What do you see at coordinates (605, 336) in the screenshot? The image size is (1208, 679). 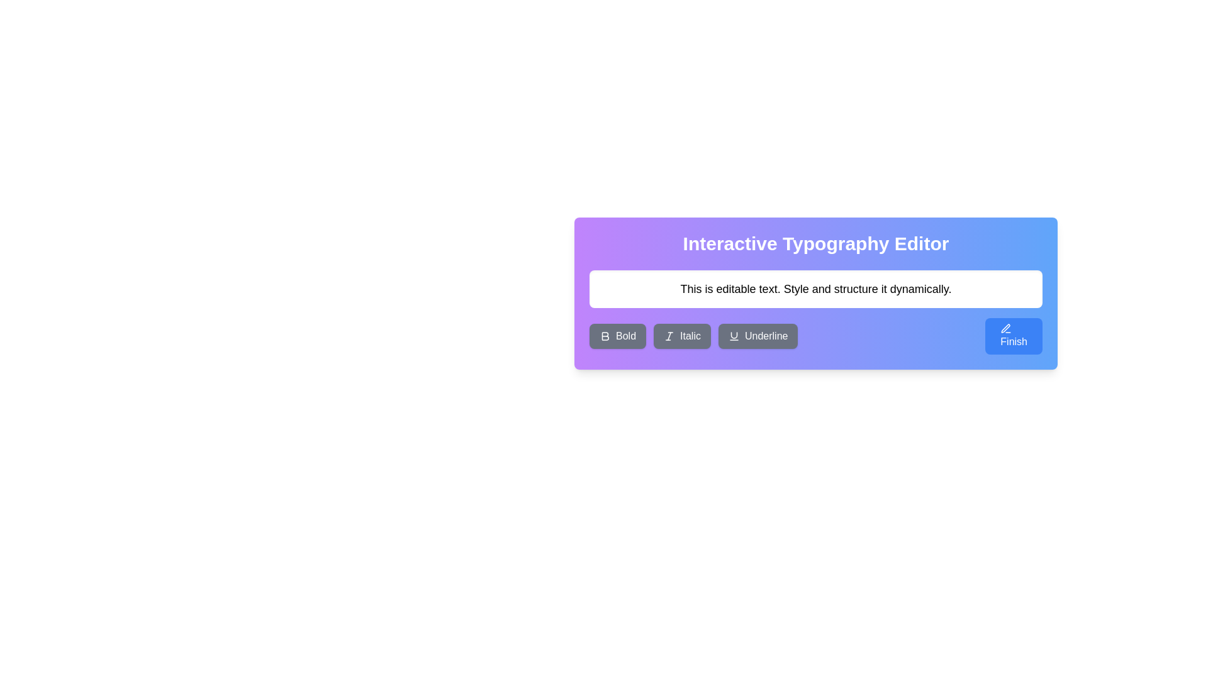 I see `the bold formatting icon, which is the first button in the text formatting toolbar` at bounding box center [605, 336].